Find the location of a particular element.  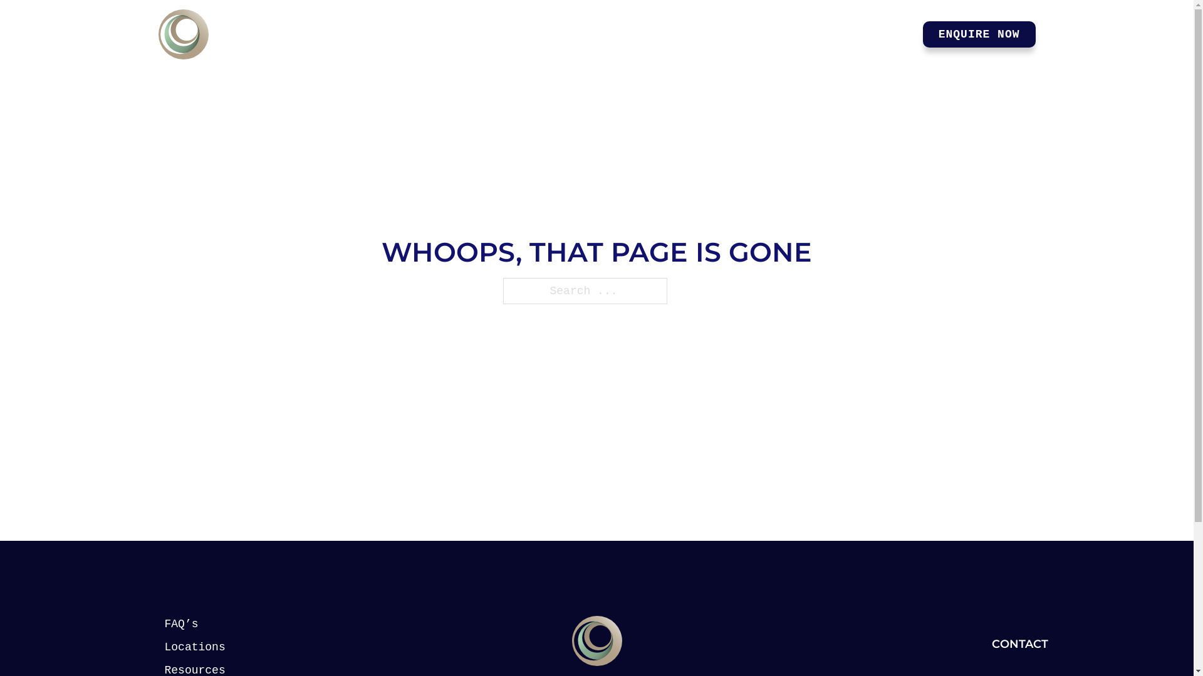

'ENQUIRE NOW' is located at coordinates (979, 33).